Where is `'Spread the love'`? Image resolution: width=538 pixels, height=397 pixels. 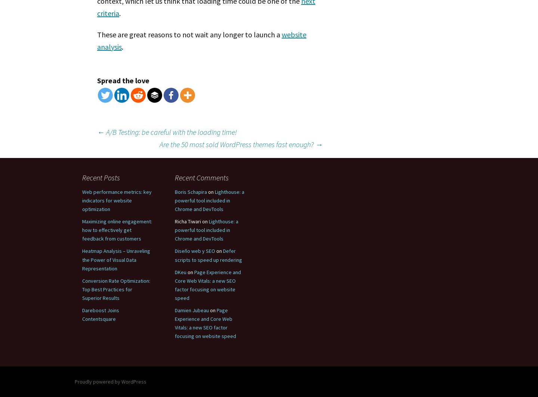
'Spread the love' is located at coordinates (123, 80).